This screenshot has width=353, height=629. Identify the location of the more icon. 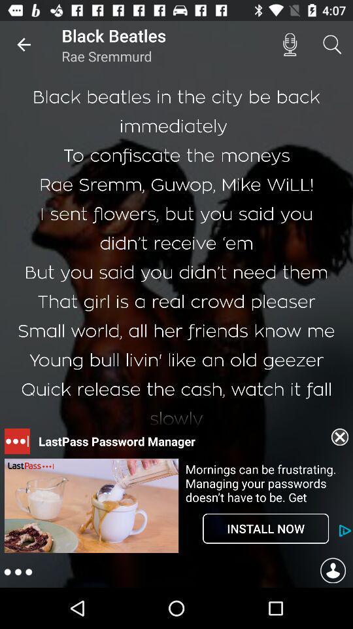
(17, 571).